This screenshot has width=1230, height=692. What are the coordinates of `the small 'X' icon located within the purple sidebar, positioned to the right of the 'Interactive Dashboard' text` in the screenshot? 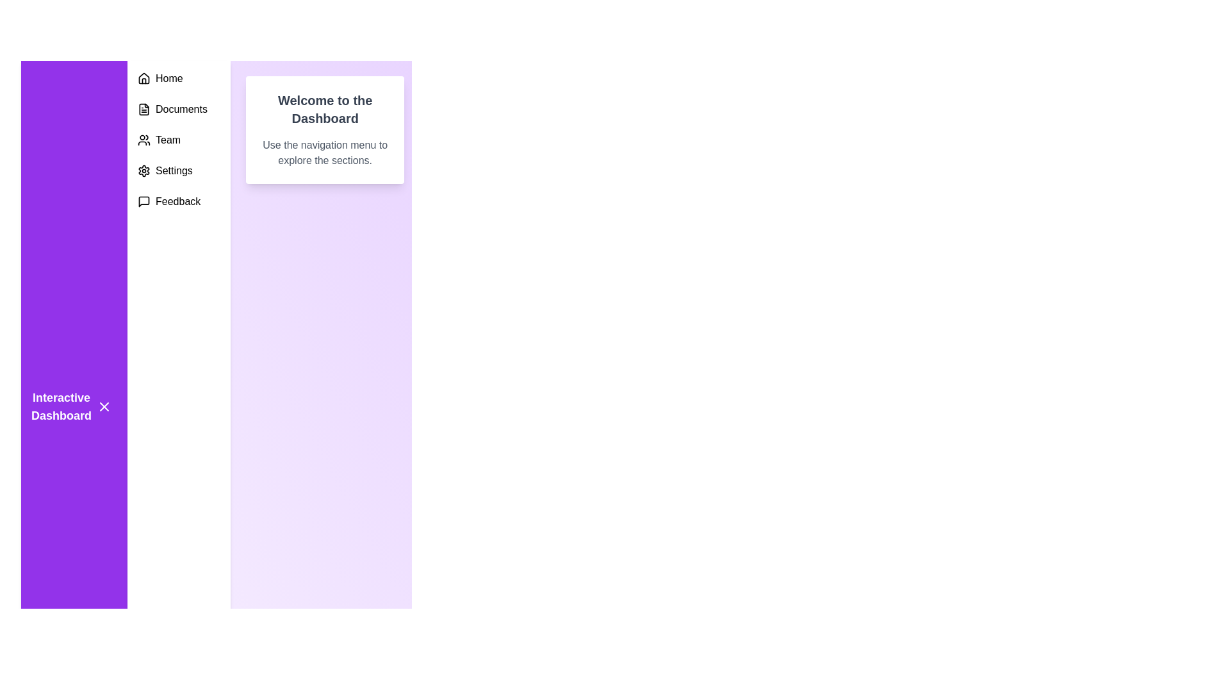 It's located at (104, 407).